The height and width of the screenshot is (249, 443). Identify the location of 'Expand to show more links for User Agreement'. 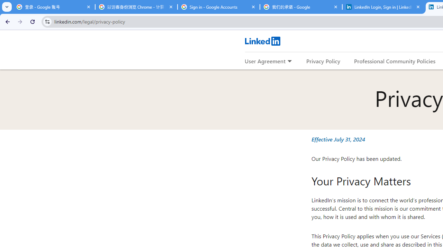
(289, 61).